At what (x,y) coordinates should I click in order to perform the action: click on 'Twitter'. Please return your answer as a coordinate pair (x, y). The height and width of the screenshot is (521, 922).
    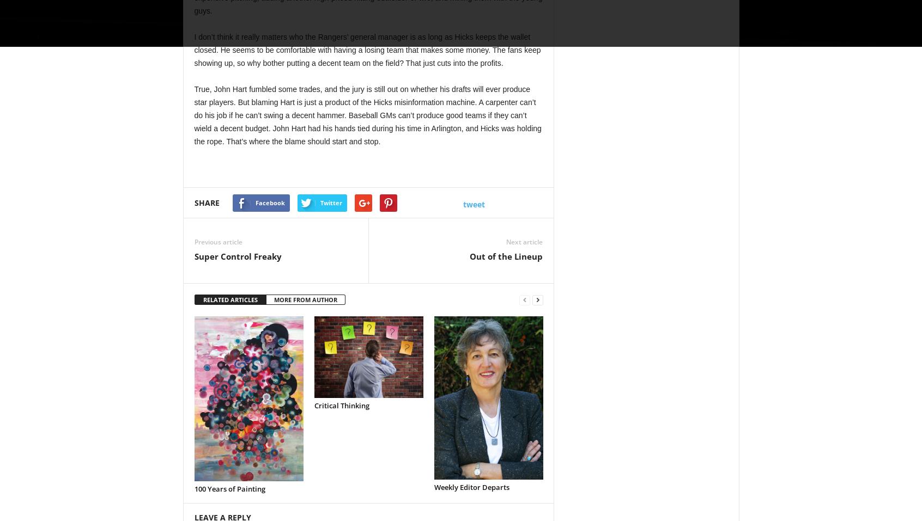
    Looking at the image, I should click on (319, 202).